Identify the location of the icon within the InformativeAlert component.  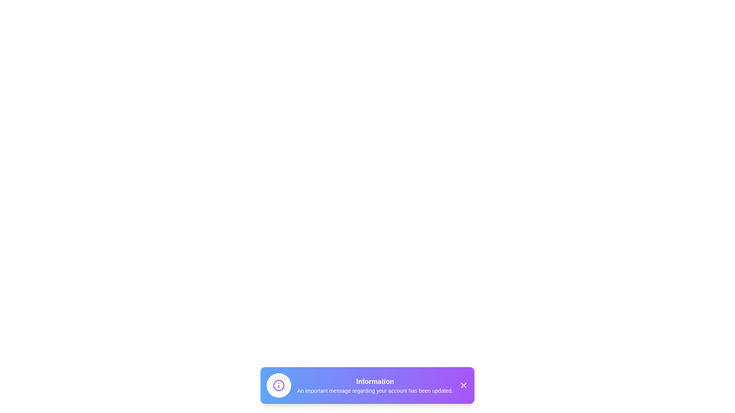
(278, 385).